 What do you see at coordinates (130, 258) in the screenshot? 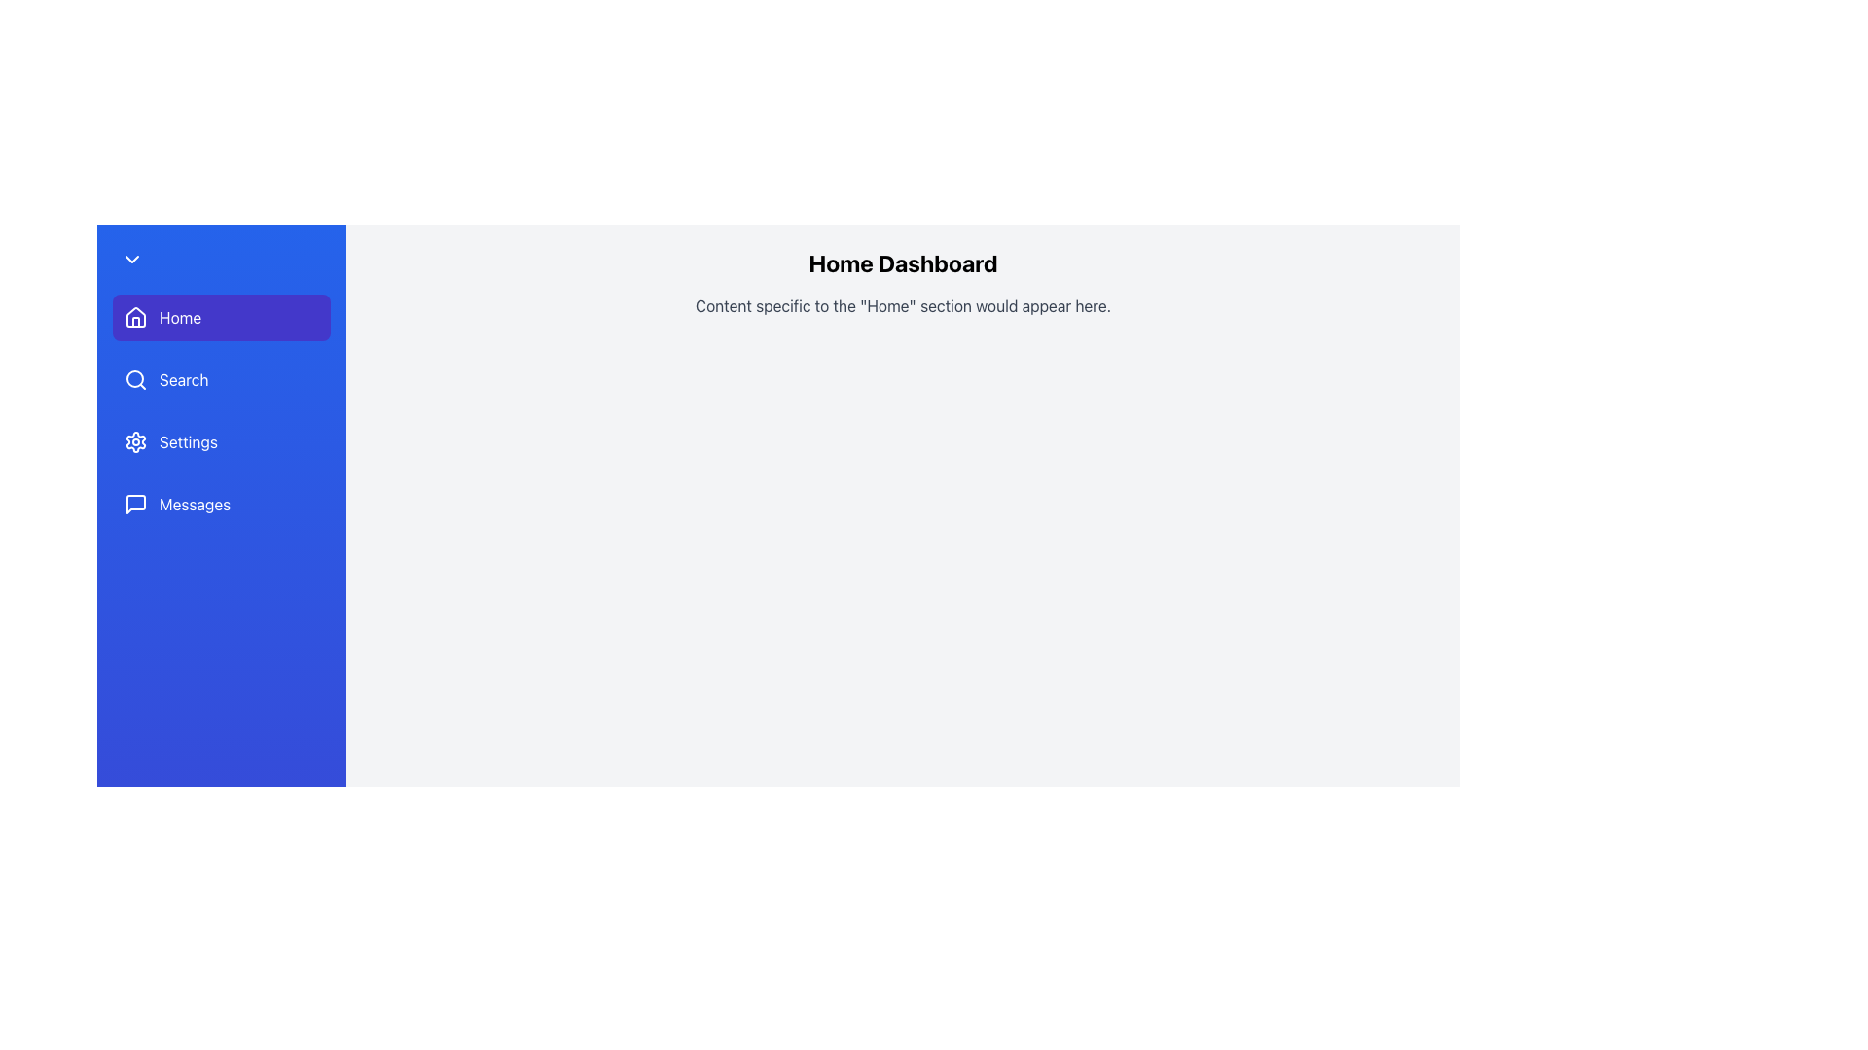
I see `the downward-pointing chevron icon located at the top-left corner of the sidebar navigation menu, which is displayed in white against a blue background` at bounding box center [130, 258].